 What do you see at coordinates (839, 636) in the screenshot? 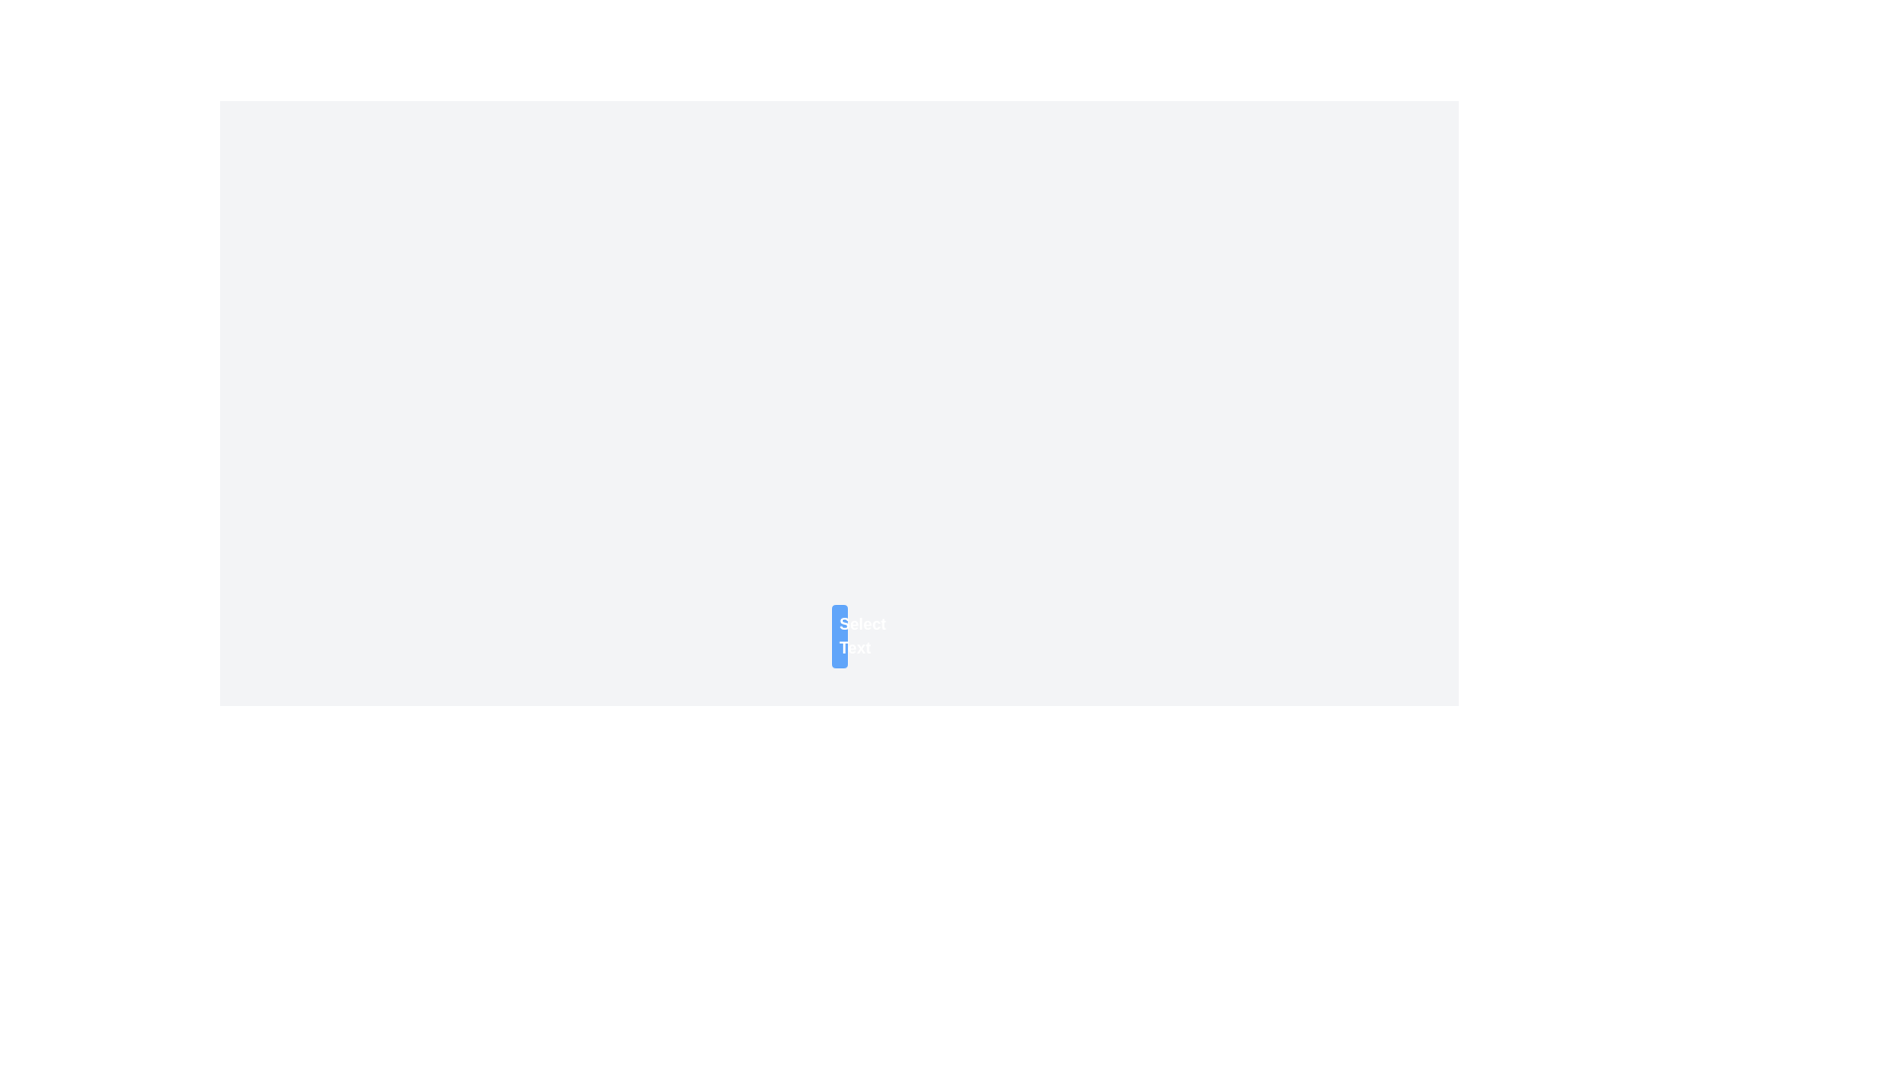
I see `the button labeled for selecting or triggering an action related to text, positioned near the center of the page with a light gray background` at bounding box center [839, 636].